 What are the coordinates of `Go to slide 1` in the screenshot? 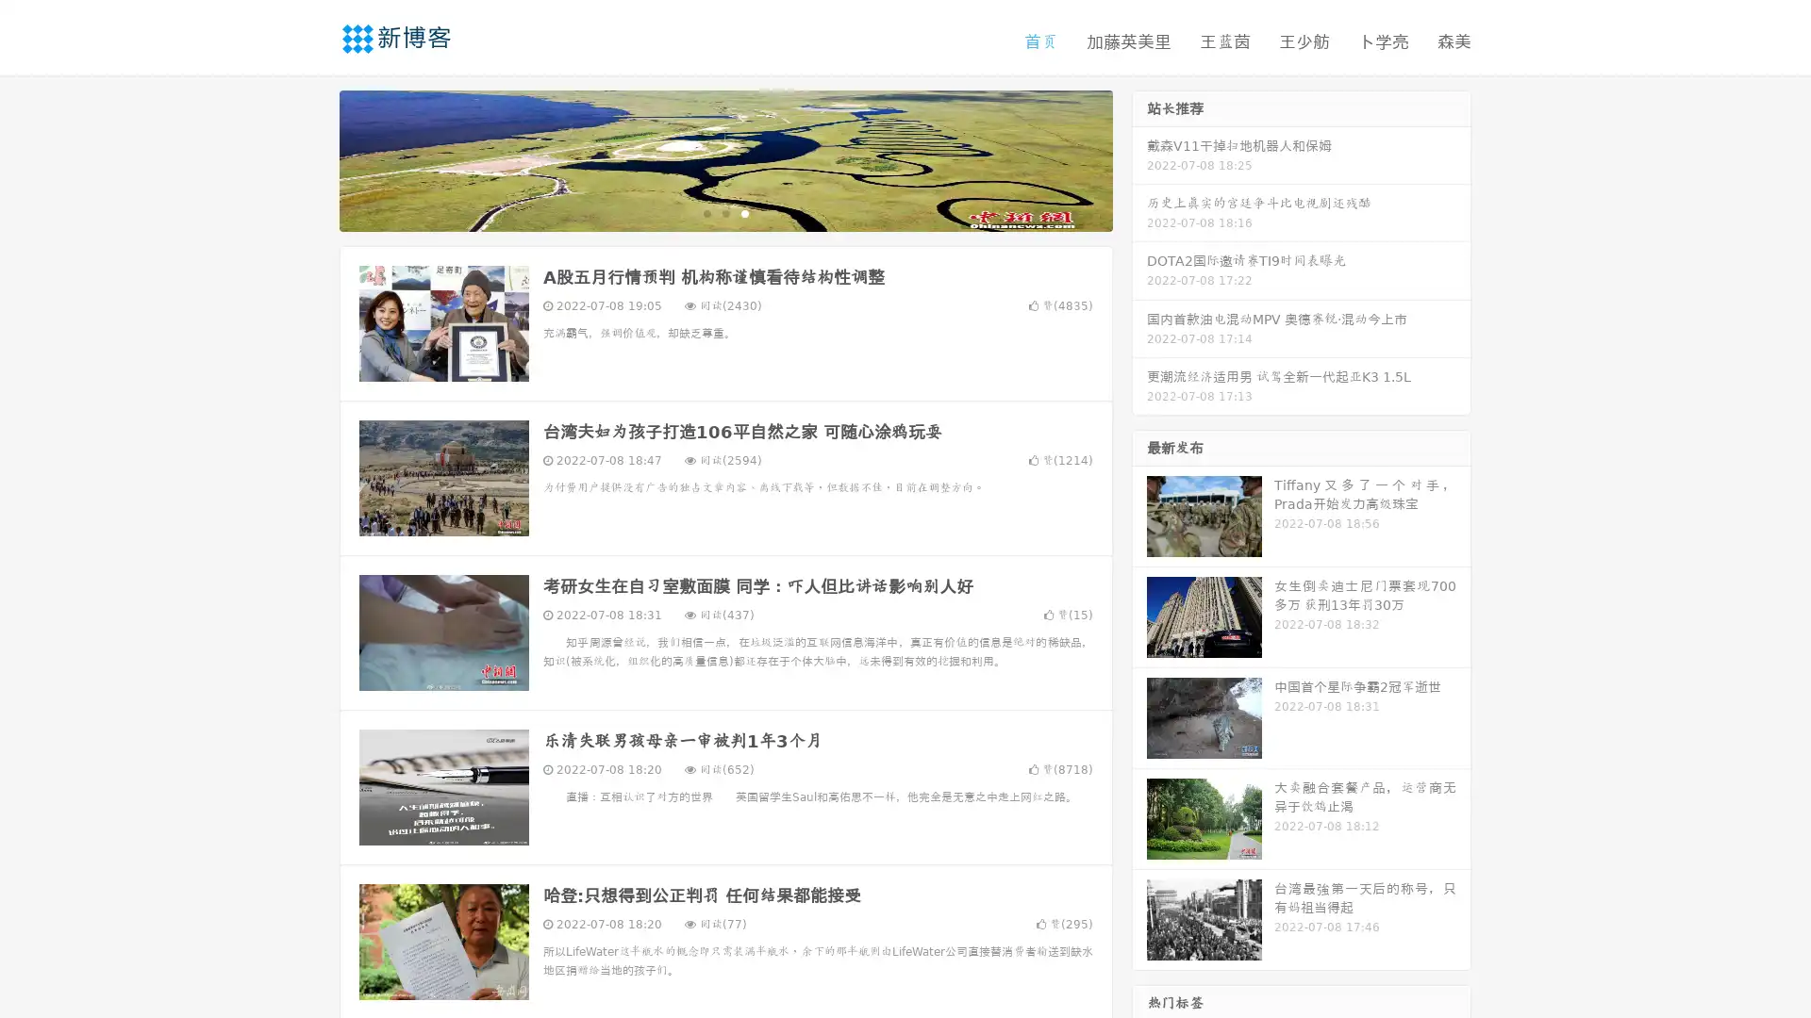 It's located at (706, 212).